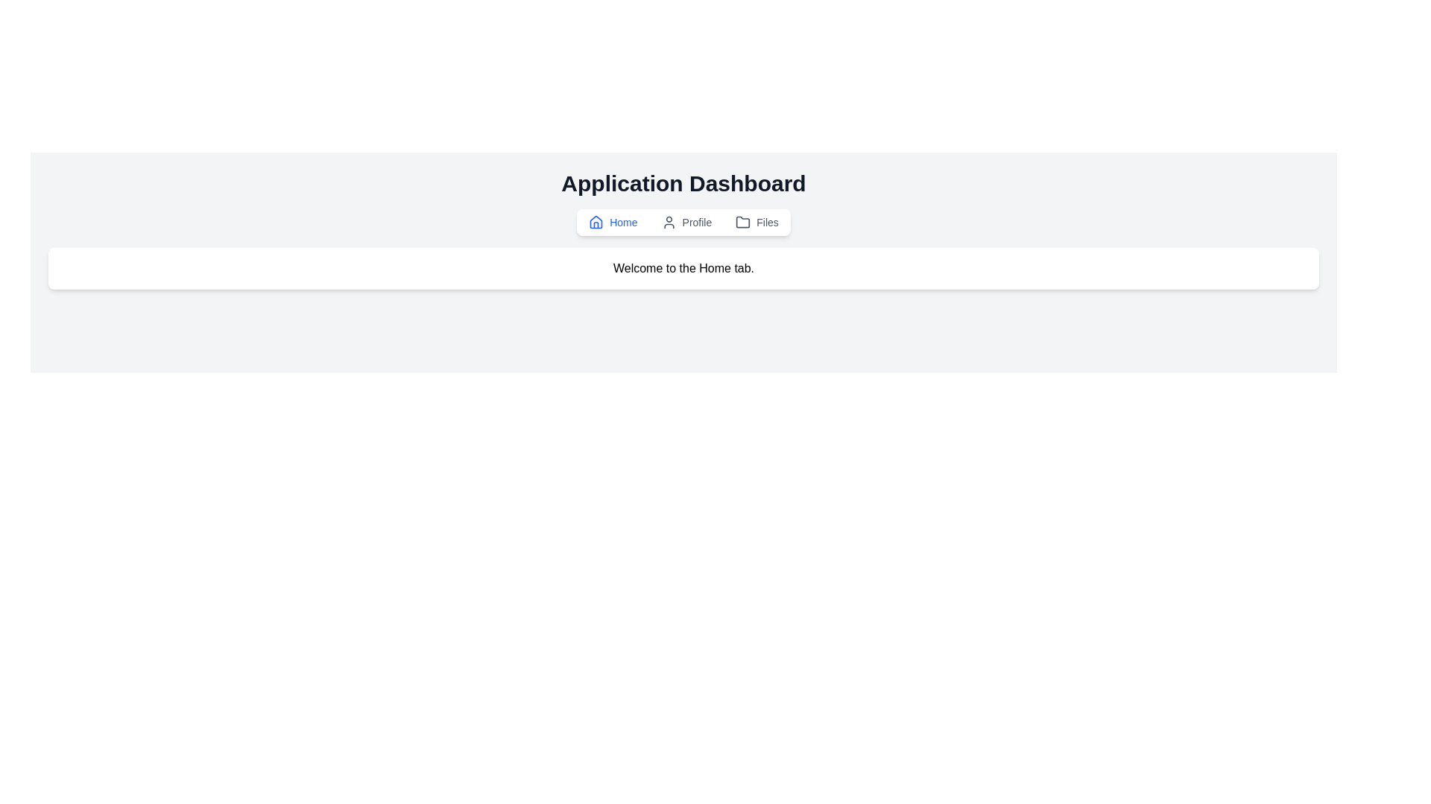  Describe the element at coordinates (743, 223) in the screenshot. I see `the 'Files' folder icon located in the navigation bar section of the application, positioned at the beginning of the 'Files' menu item` at that location.